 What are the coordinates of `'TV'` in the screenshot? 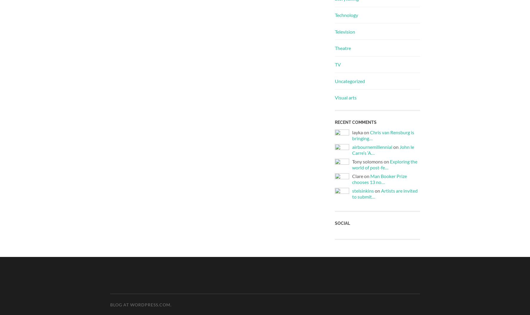 It's located at (338, 64).